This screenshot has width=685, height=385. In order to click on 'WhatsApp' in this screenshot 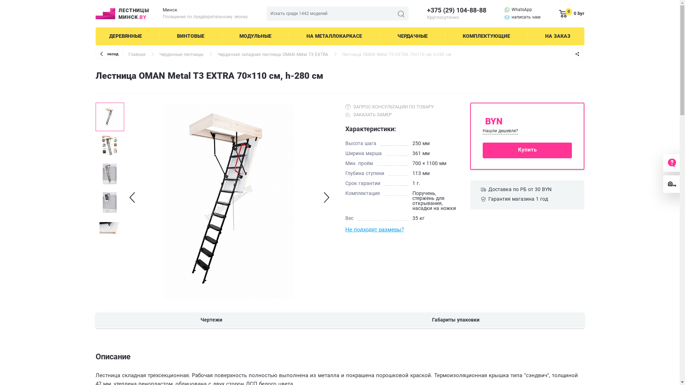, I will do `click(504, 10)`.